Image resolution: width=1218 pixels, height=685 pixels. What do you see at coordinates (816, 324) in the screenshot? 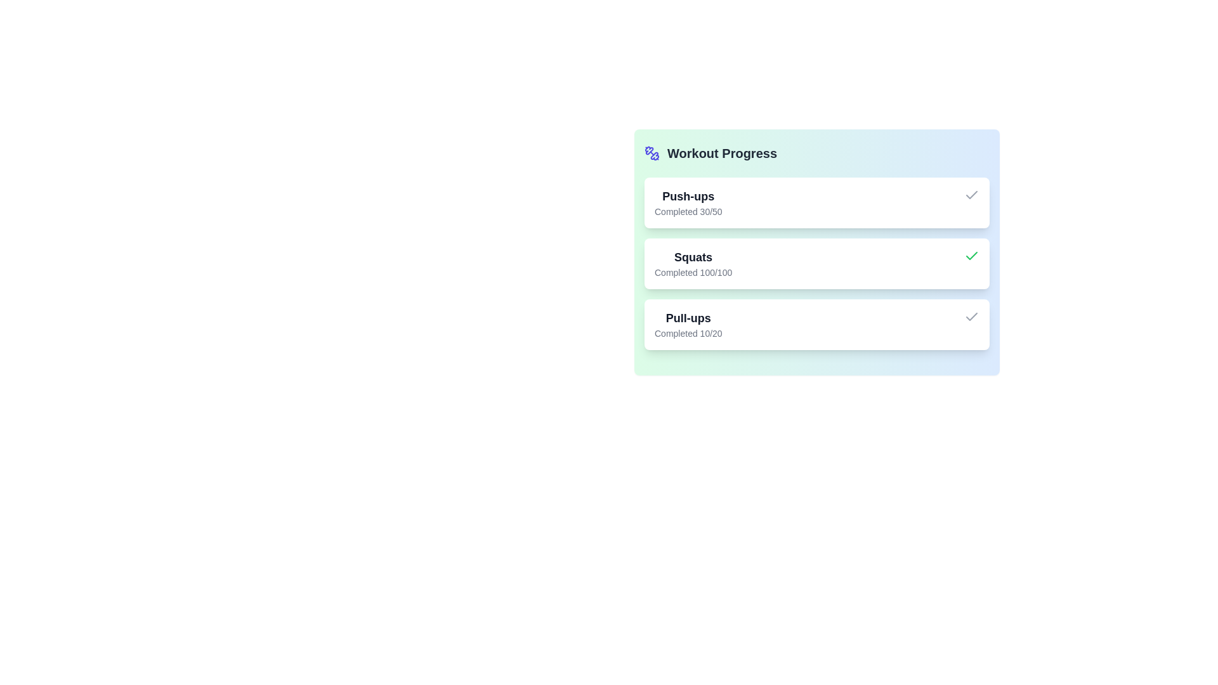
I see `the progress icon of the 'Pull-ups' informational card, which is the third item in a vertical list of workout progress cards` at bounding box center [816, 324].